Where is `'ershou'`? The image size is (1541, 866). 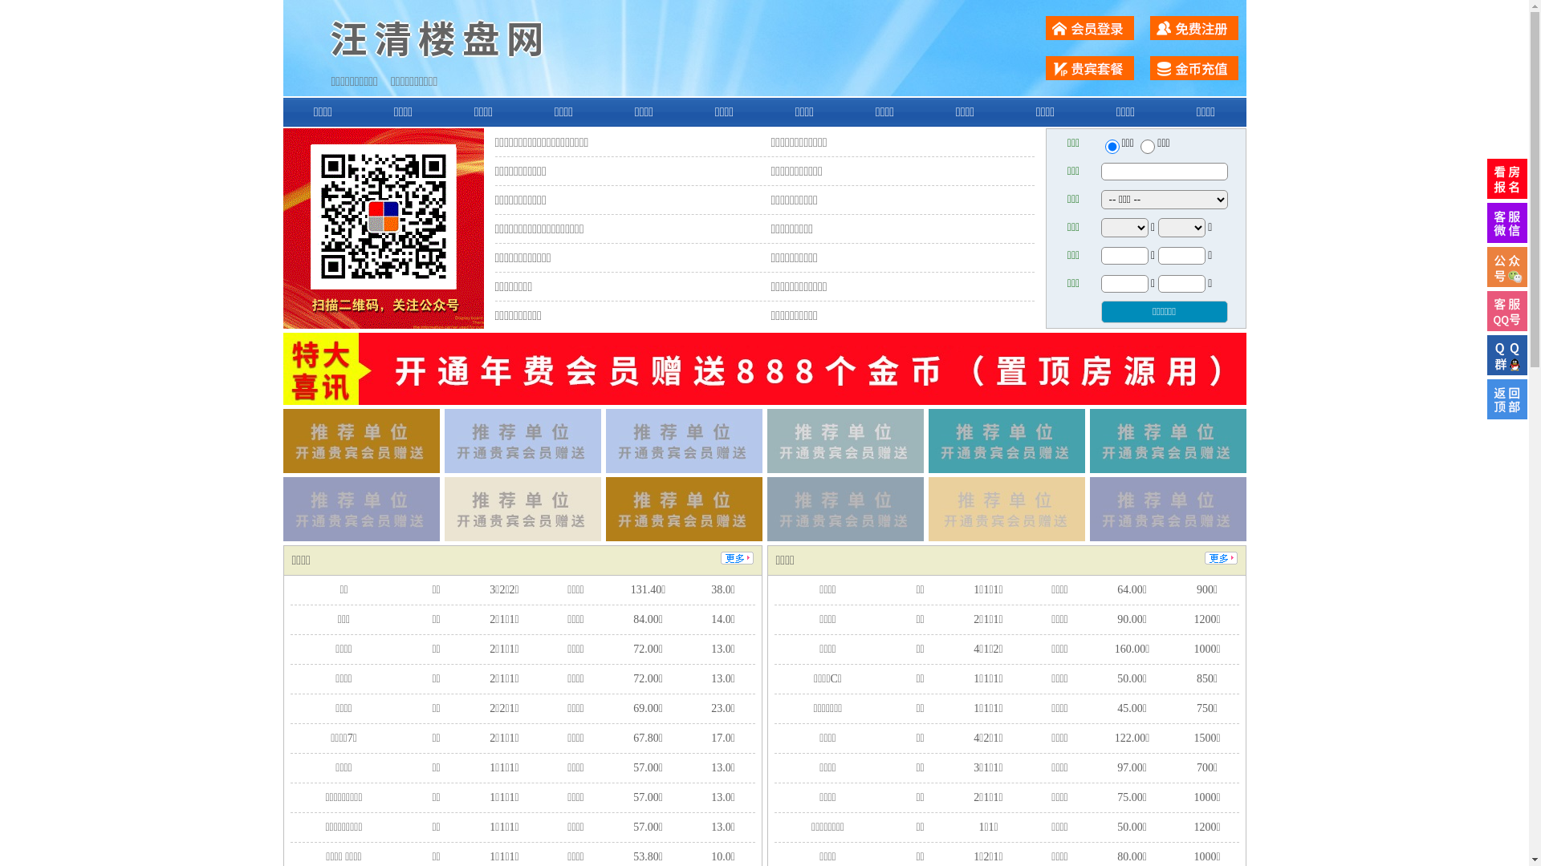
'ershou' is located at coordinates (1111, 146).